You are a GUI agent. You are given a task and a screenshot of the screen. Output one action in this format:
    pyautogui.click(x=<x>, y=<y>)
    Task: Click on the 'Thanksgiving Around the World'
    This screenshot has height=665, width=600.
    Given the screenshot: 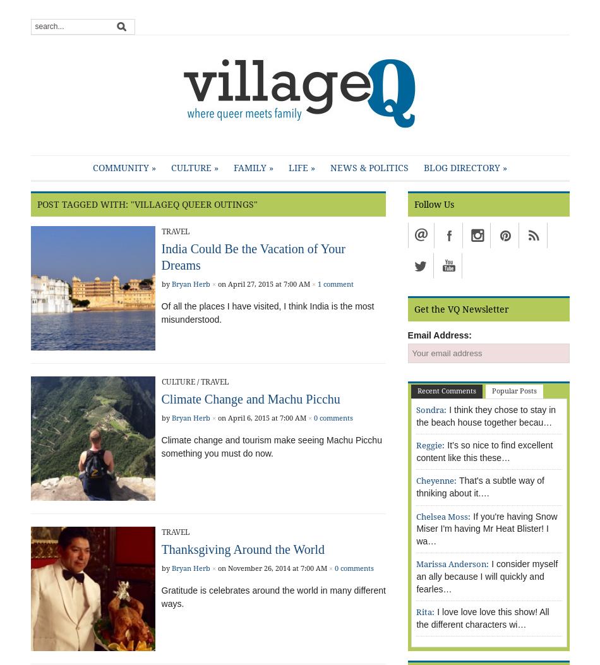 What is the action you would take?
    pyautogui.click(x=242, y=549)
    